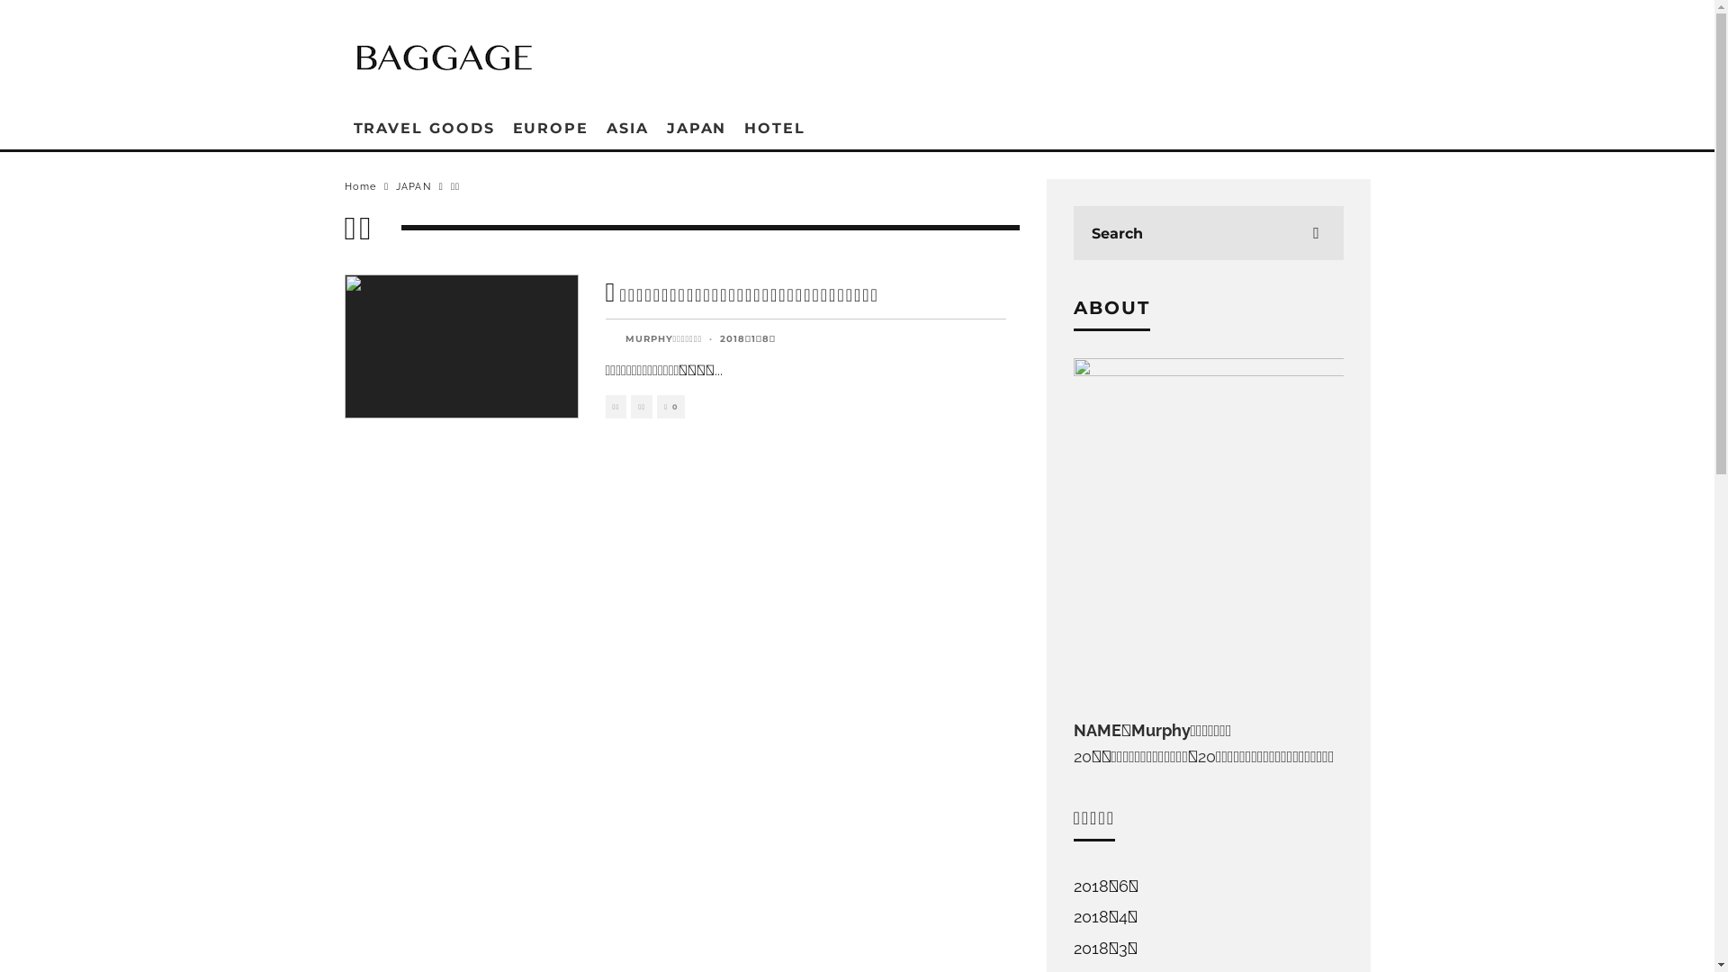  I want to click on '0', so click(670, 407).